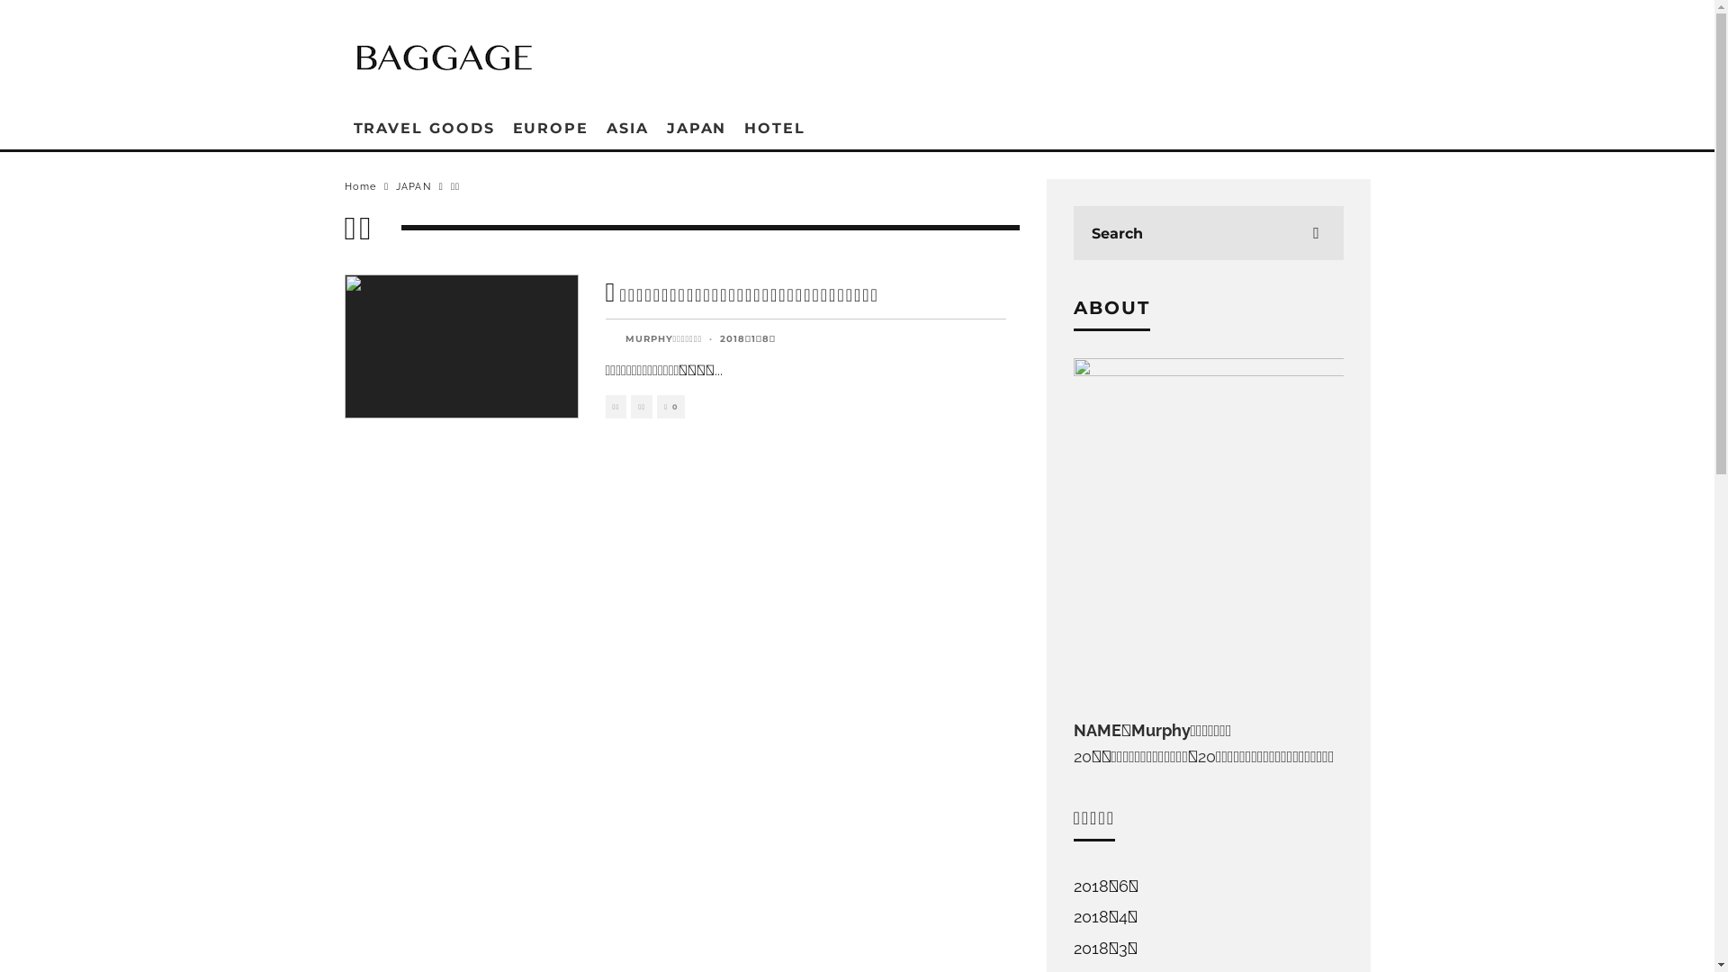  I want to click on '0', so click(670, 407).